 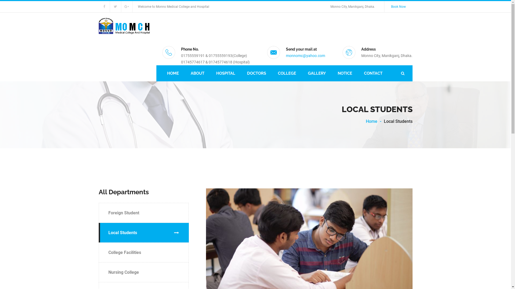 What do you see at coordinates (144, 232) in the screenshot?
I see `'Local Students'` at bounding box center [144, 232].